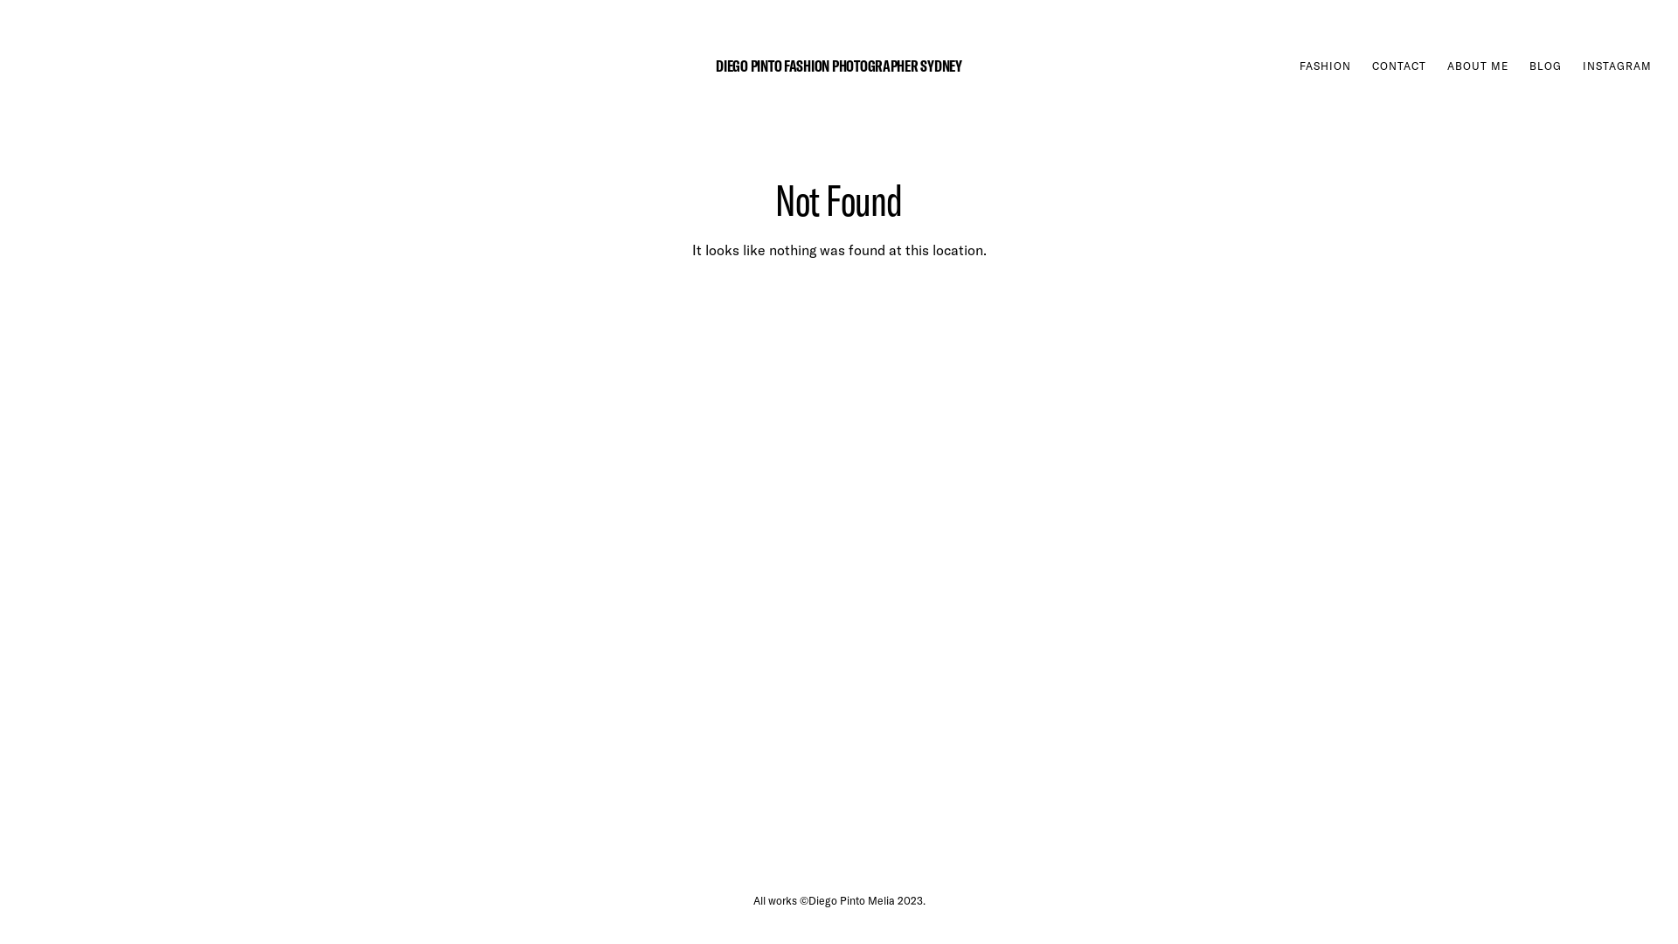  What do you see at coordinates (1476, 65) in the screenshot?
I see `'ABOUT ME'` at bounding box center [1476, 65].